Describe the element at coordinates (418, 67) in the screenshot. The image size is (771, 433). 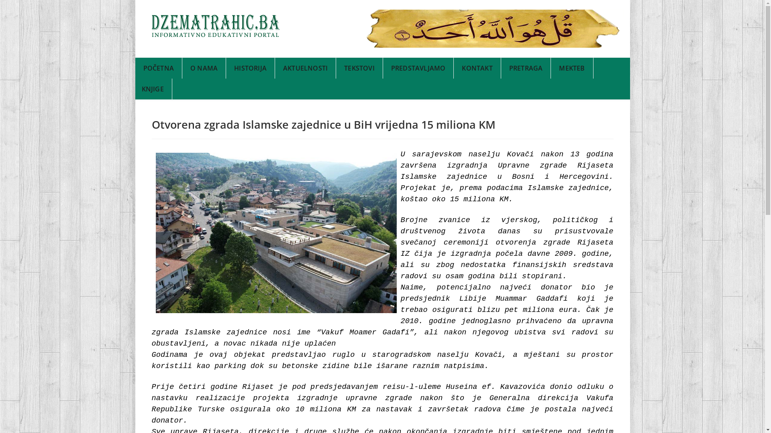
I see `'PREDSTAVLJAMO'` at that location.